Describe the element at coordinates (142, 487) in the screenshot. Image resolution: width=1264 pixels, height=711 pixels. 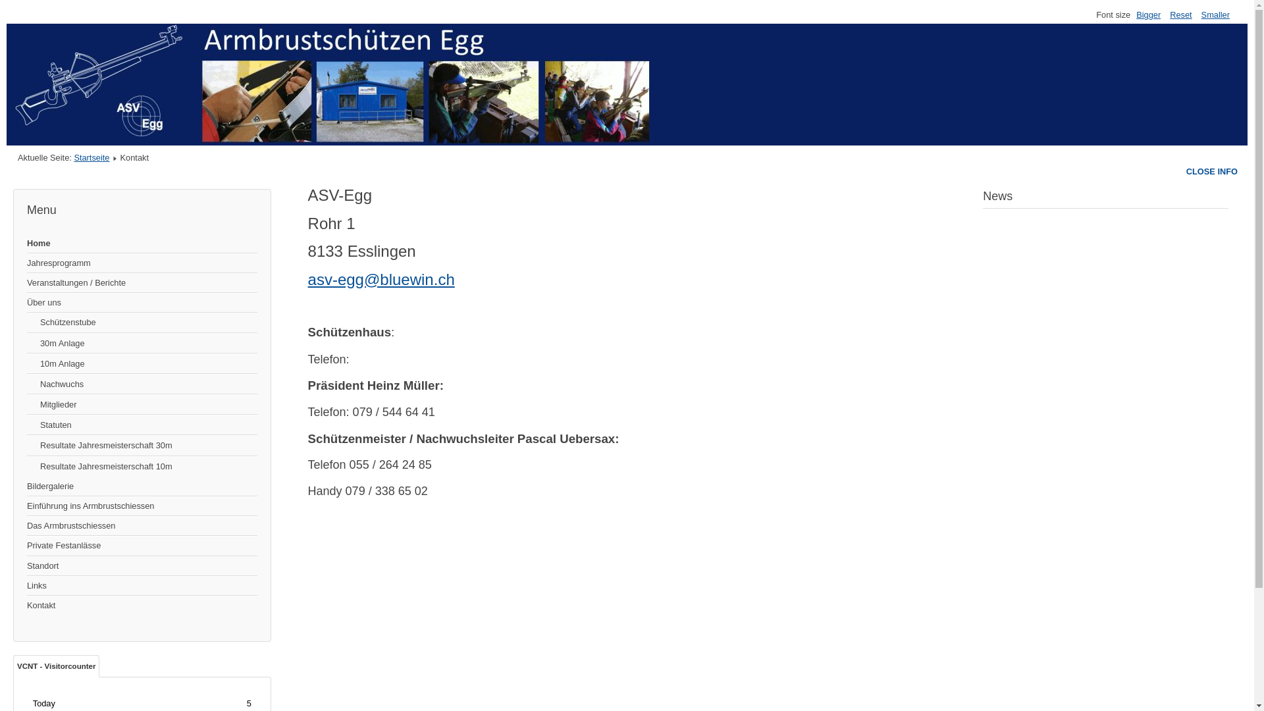
I see `'Bildergalerie'` at that location.